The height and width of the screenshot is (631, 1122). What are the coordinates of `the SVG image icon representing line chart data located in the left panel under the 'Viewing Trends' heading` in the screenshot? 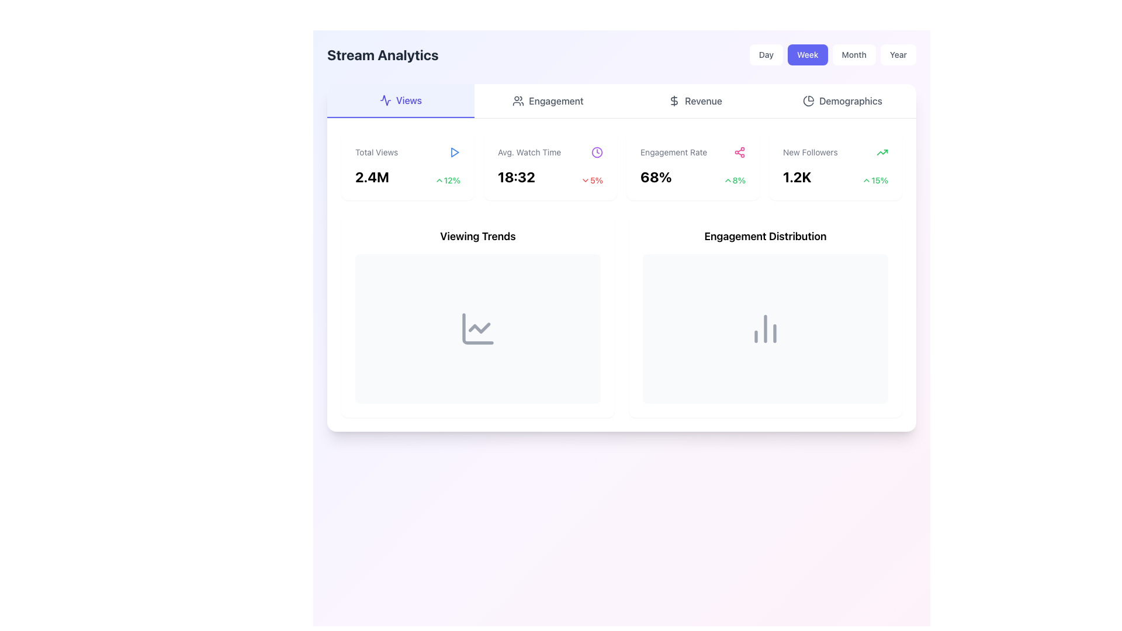 It's located at (477, 329).